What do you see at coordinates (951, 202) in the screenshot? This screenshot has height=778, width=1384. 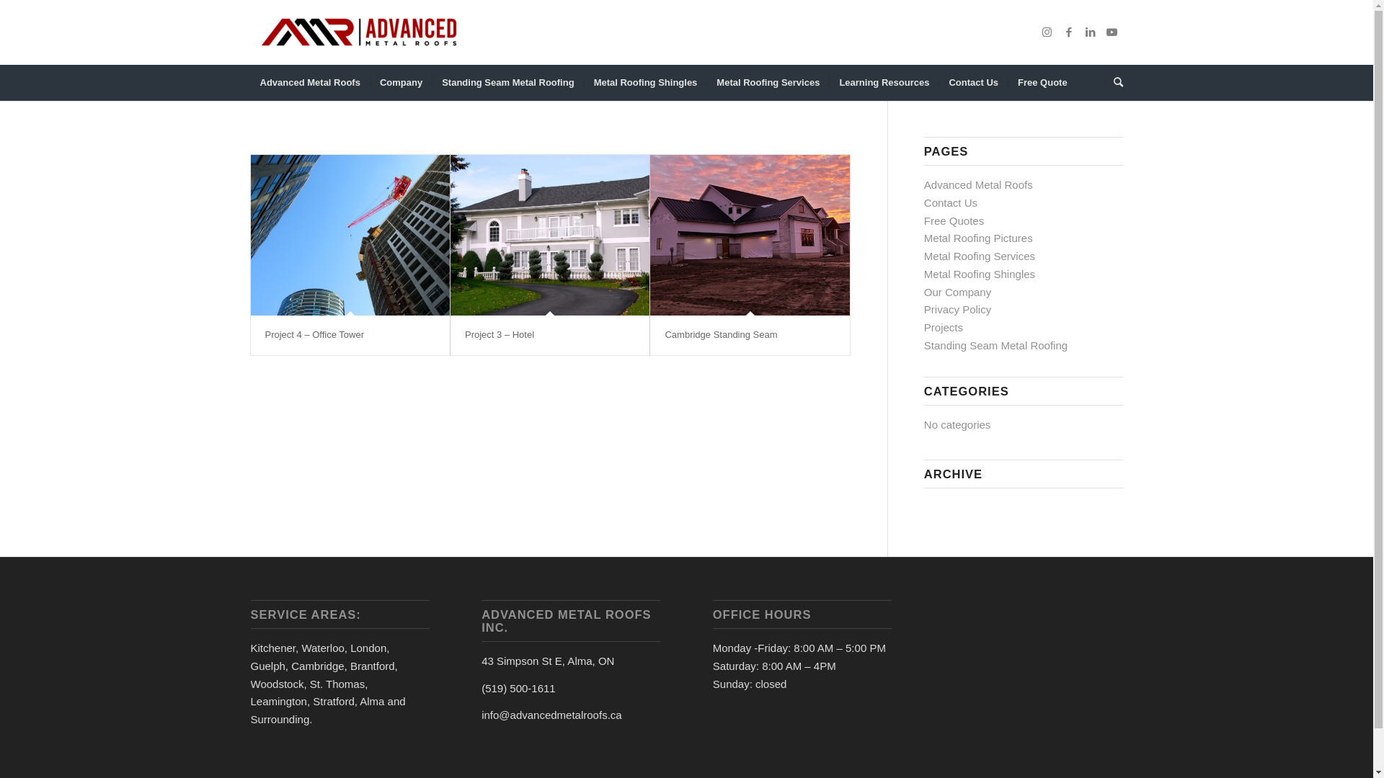 I see `'Contact Us'` at bounding box center [951, 202].